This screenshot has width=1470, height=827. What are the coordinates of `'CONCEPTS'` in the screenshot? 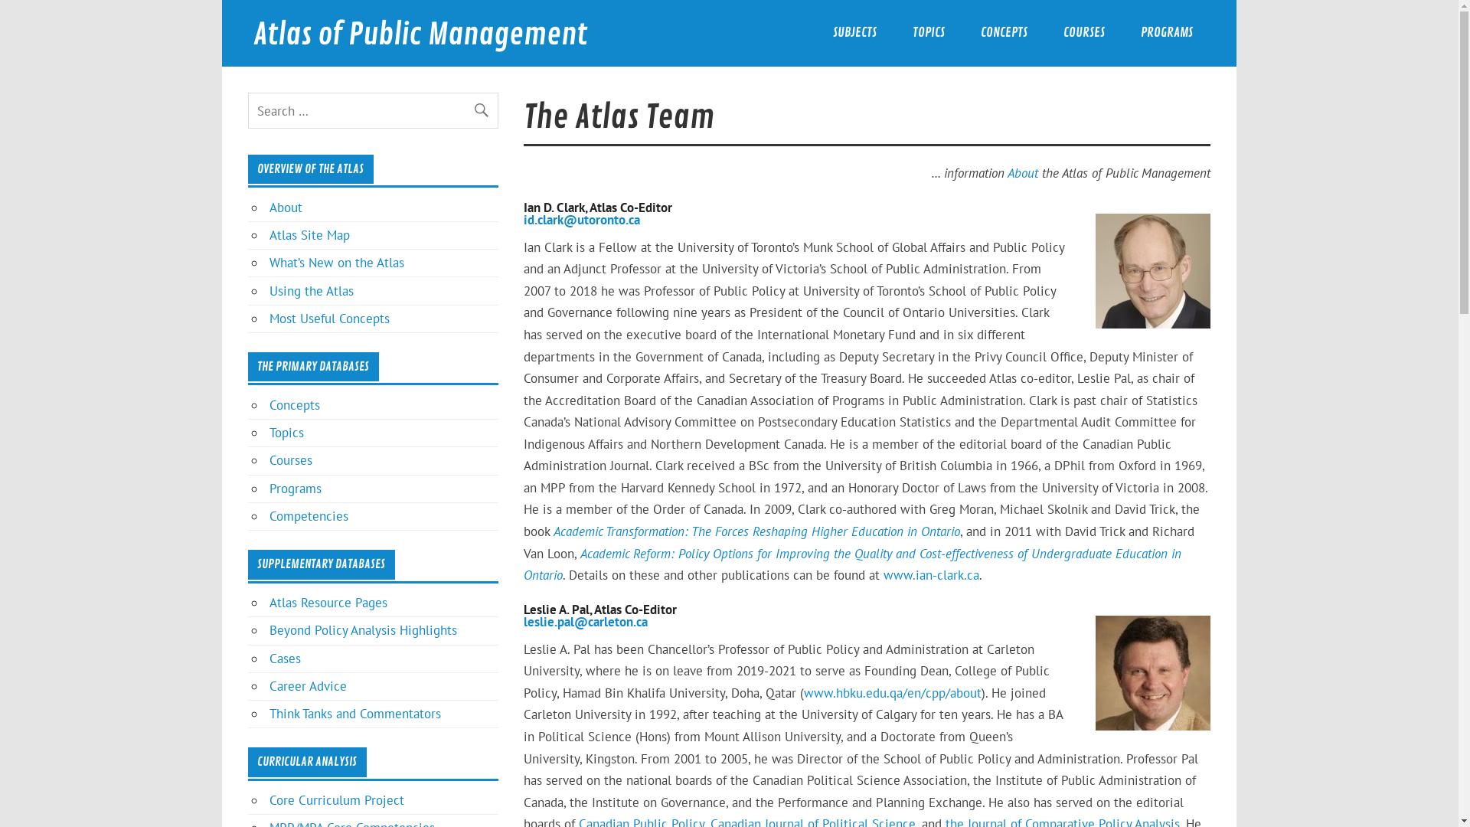 It's located at (1003, 33).